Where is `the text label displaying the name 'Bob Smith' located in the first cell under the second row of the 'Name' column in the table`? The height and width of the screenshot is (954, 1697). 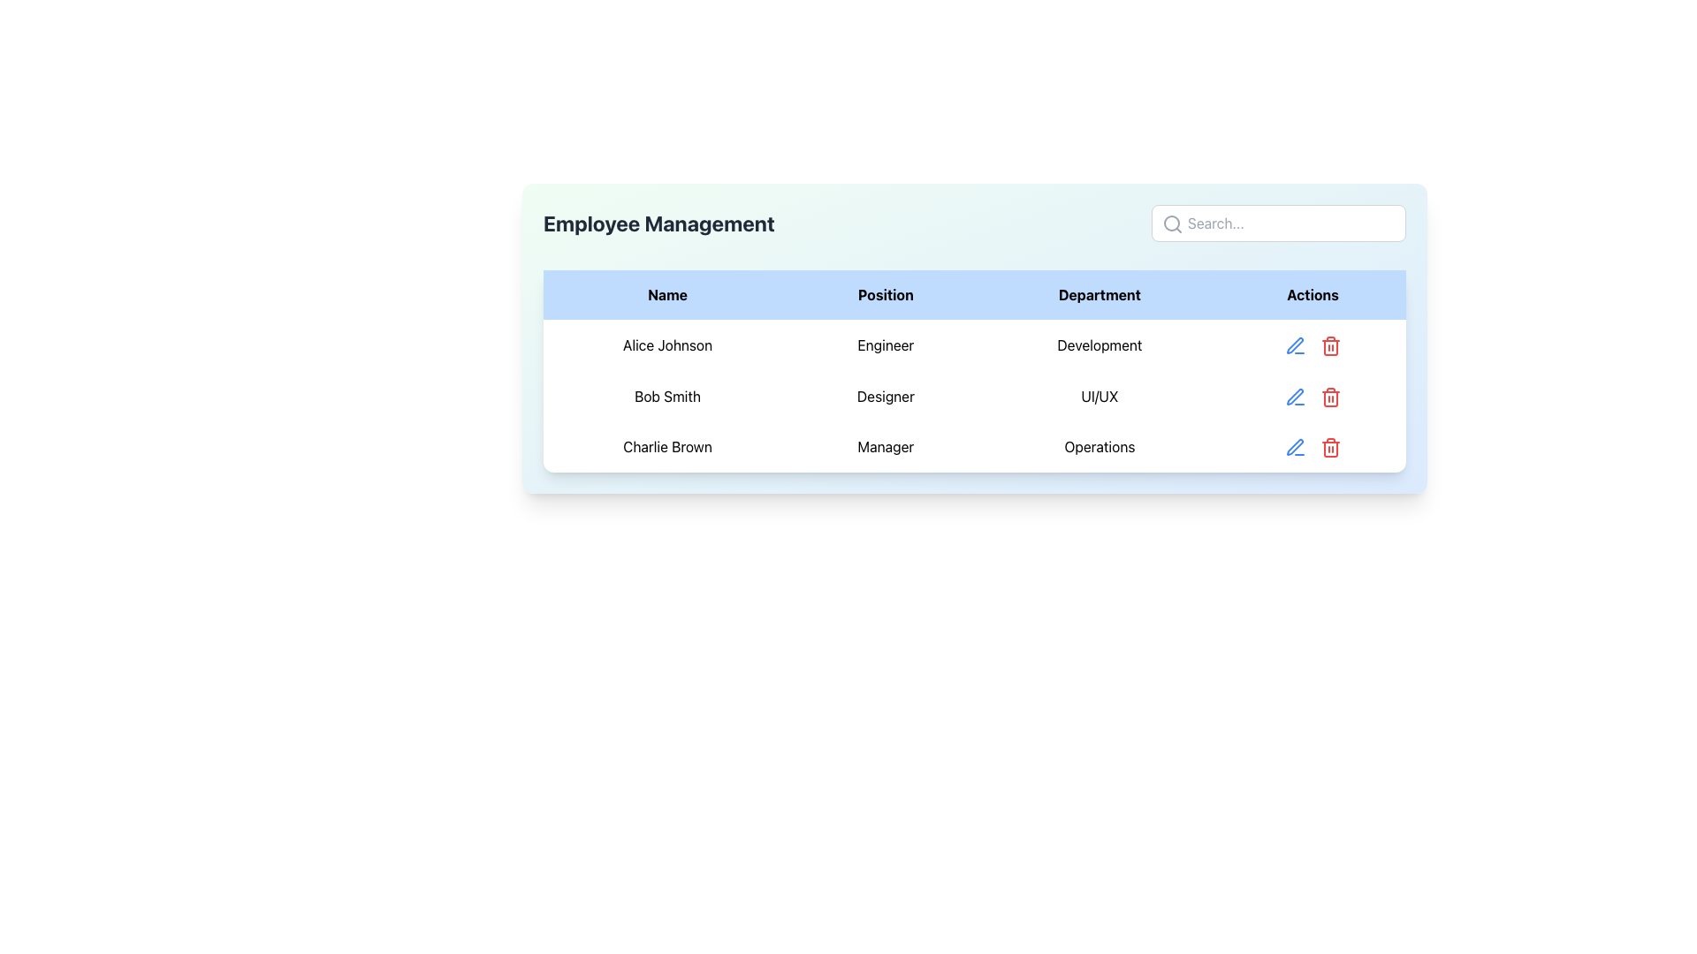
the text label displaying the name 'Bob Smith' located in the first cell under the second row of the 'Name' column in the table is located at coordinates (666, 395).